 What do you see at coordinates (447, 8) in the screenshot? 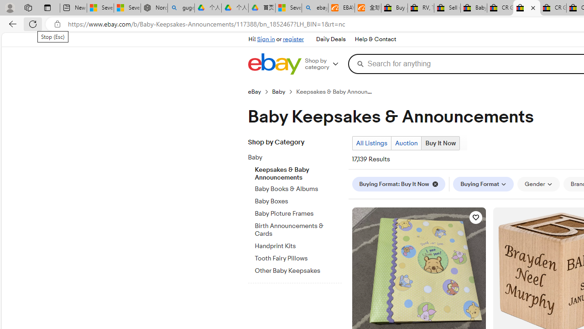
I see `'Sell worldwide with eBay'` at bounding box center [447, 8].